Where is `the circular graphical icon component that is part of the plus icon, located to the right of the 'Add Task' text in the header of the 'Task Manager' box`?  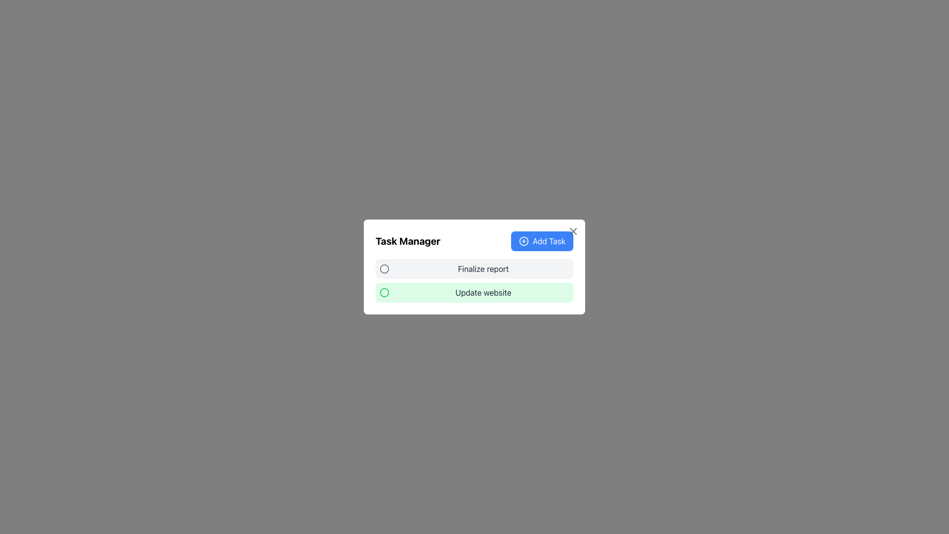 the circular graphical icon component that is part of the plus icon, located to the right of the 'Add Task' text in the header of the 'Task Manager' box is located at coordinates (523, 241).